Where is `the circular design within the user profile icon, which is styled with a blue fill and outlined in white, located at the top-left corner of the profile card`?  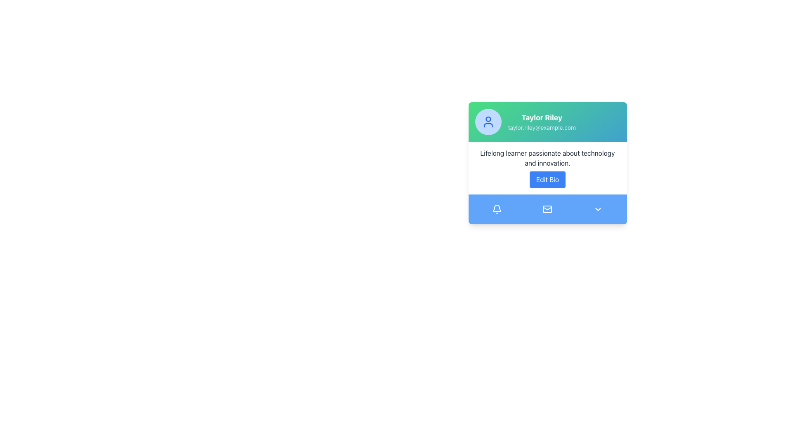 the circular design within the user profile icon, which is styled with a blue fill and outlined in white, located at the top-left corner of the profile card is located at coordinates (488, 119).